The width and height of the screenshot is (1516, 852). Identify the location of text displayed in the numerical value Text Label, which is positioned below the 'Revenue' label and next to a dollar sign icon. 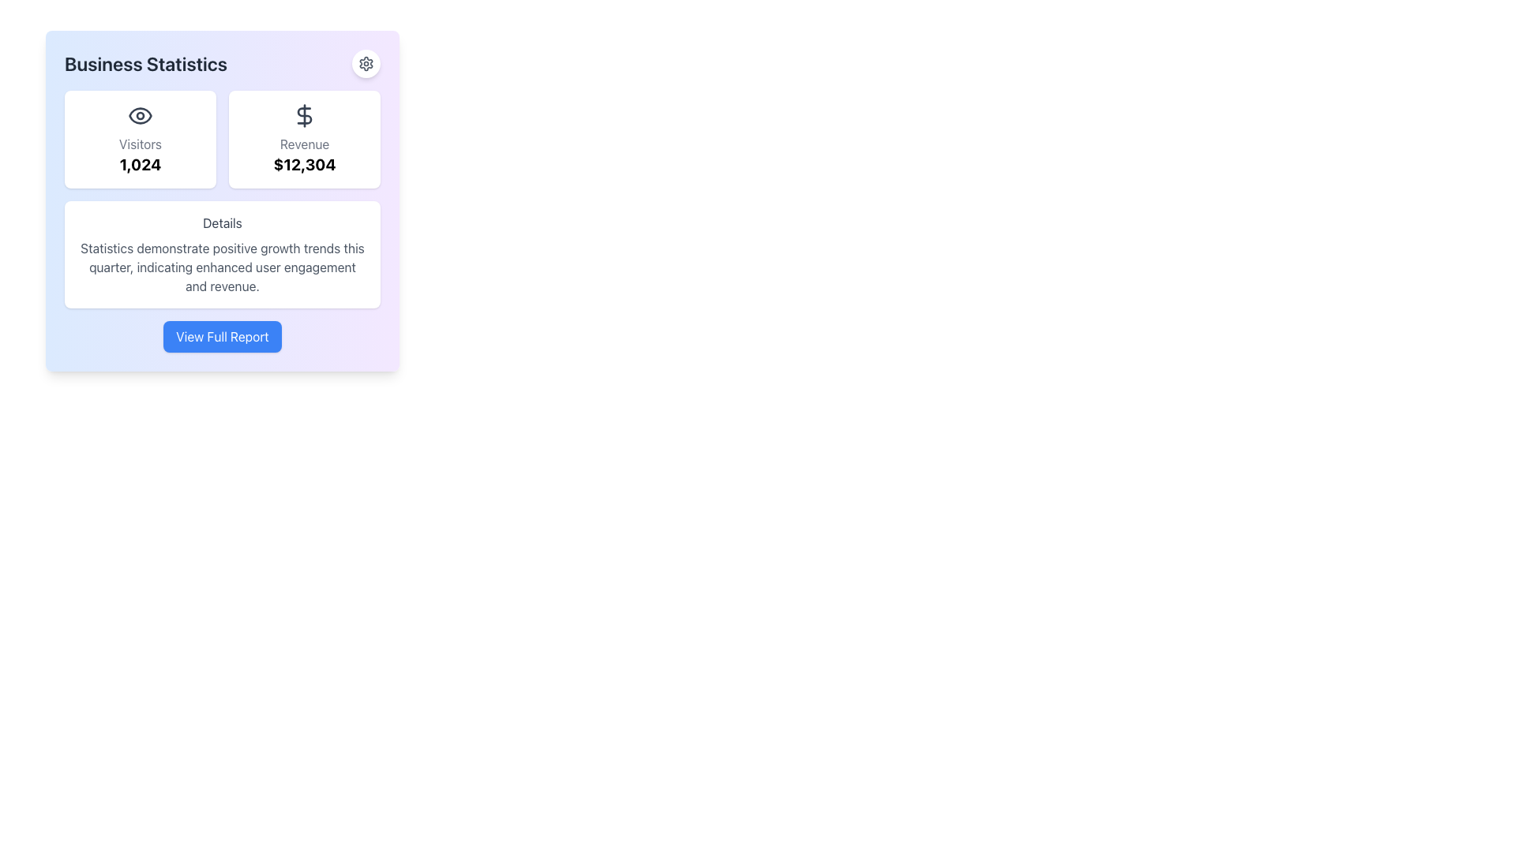
(304, 164).